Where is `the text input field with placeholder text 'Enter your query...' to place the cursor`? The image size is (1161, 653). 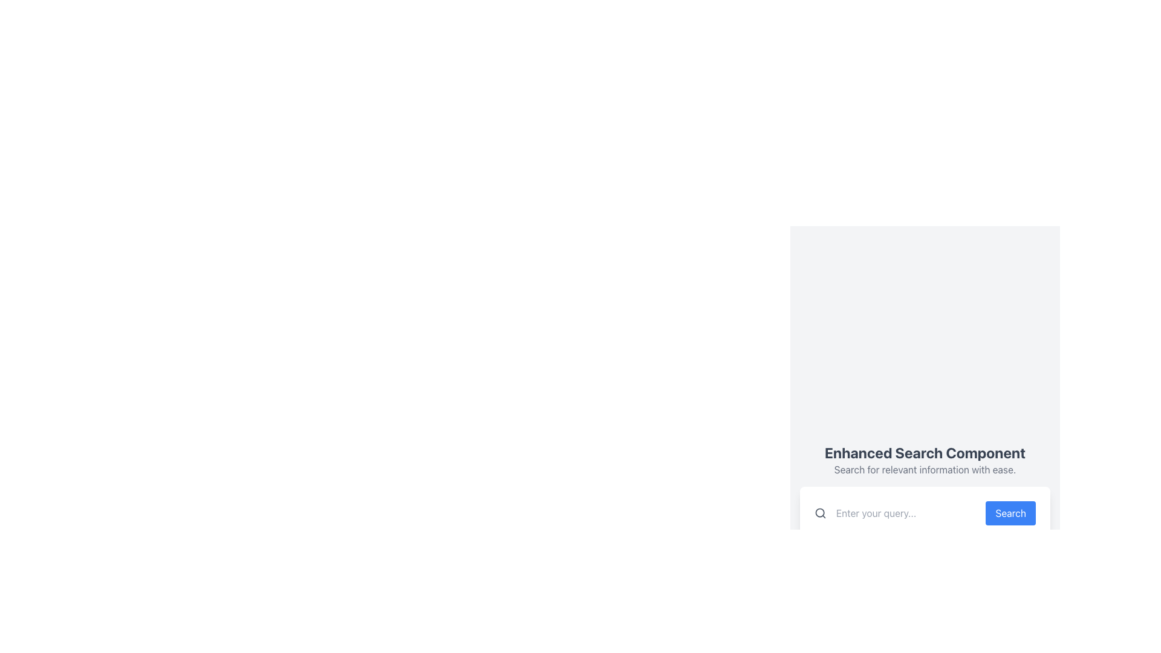
the text input field with placeholder text 'Enter your query...' to place the cursor is located at coordinates (906, 513).